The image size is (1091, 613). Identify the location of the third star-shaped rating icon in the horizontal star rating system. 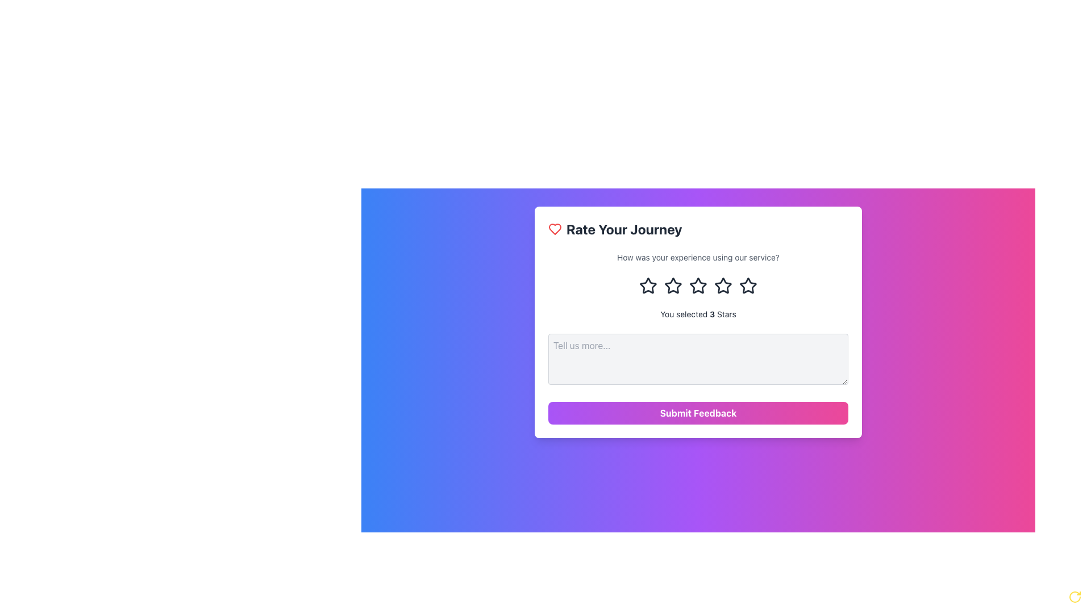
(722, 285).